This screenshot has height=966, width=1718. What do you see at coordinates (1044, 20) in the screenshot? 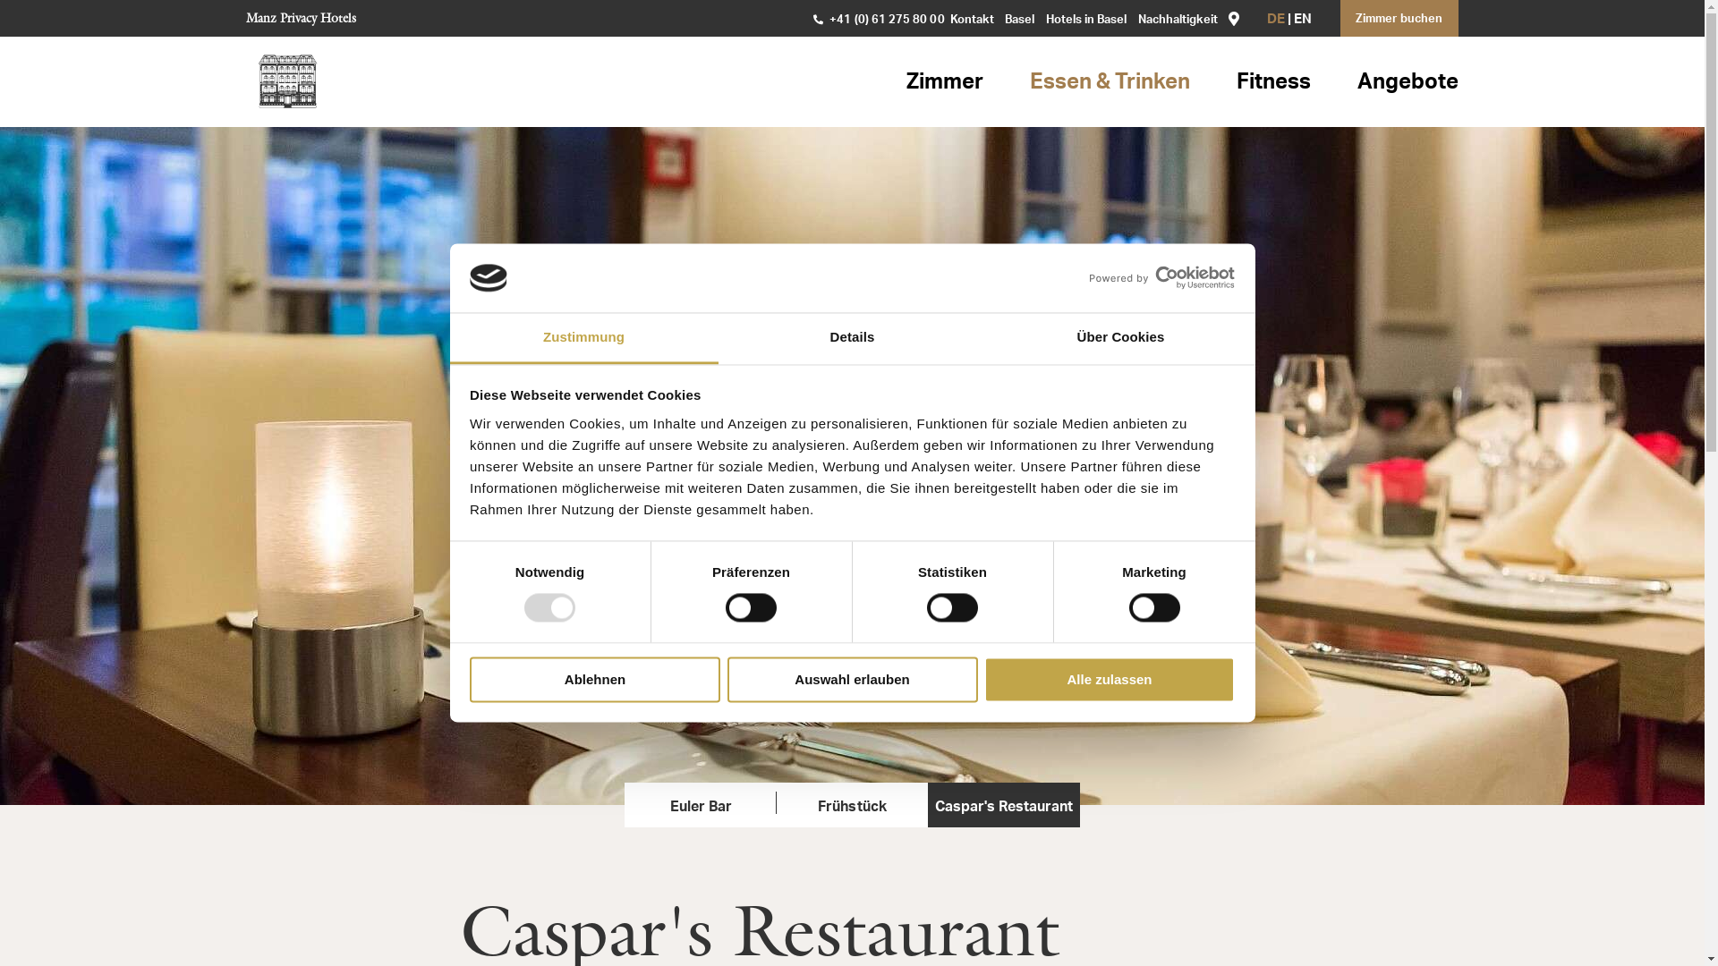
I see `'Hotels in Basel'` at bounding box center [1044, 20].